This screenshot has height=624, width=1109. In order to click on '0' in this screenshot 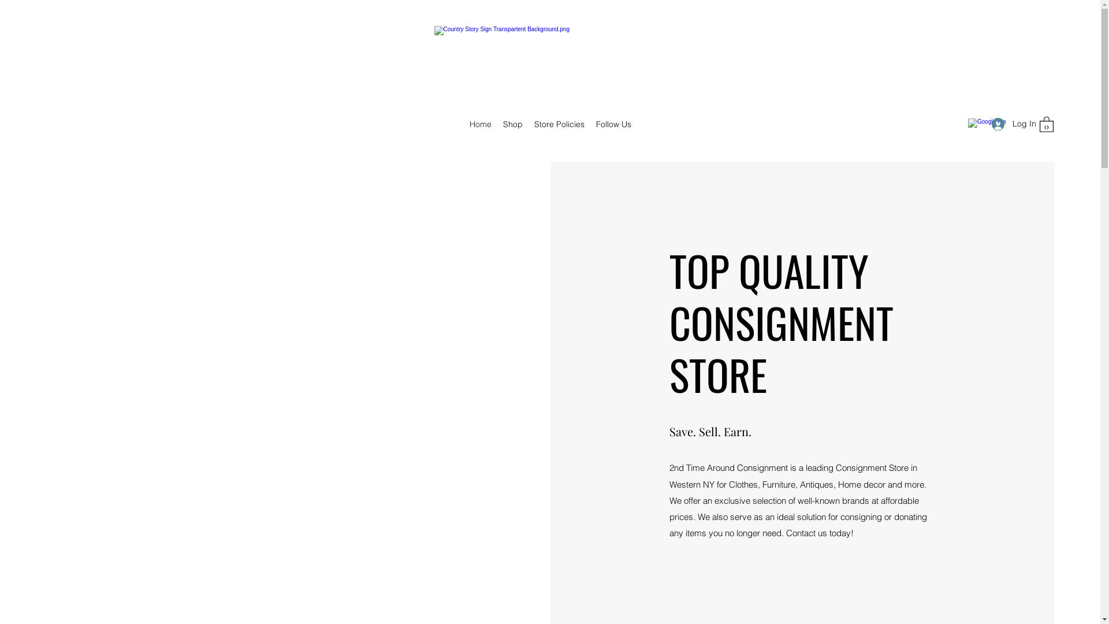, I will do `click(1046, 124)`.